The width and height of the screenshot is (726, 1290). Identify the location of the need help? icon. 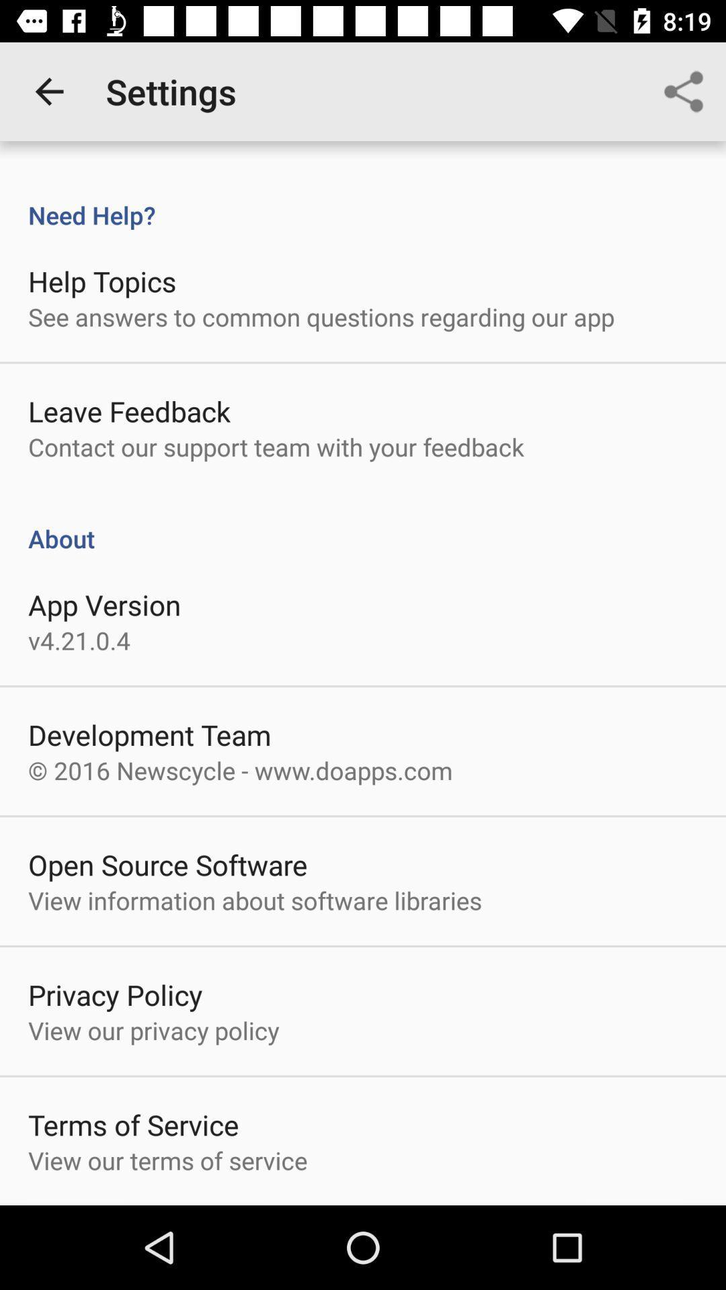
(363, 200).